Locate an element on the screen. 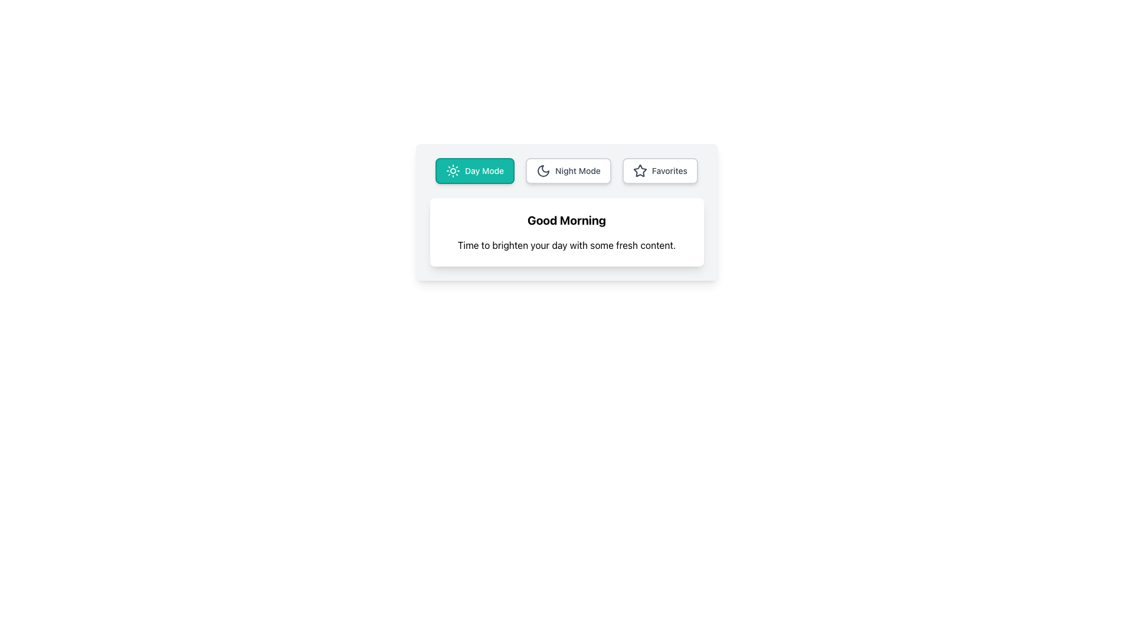 The height and width of the screenshot is (637, 1133). the first button on the left side of the row is located at coordinates (475, 170).